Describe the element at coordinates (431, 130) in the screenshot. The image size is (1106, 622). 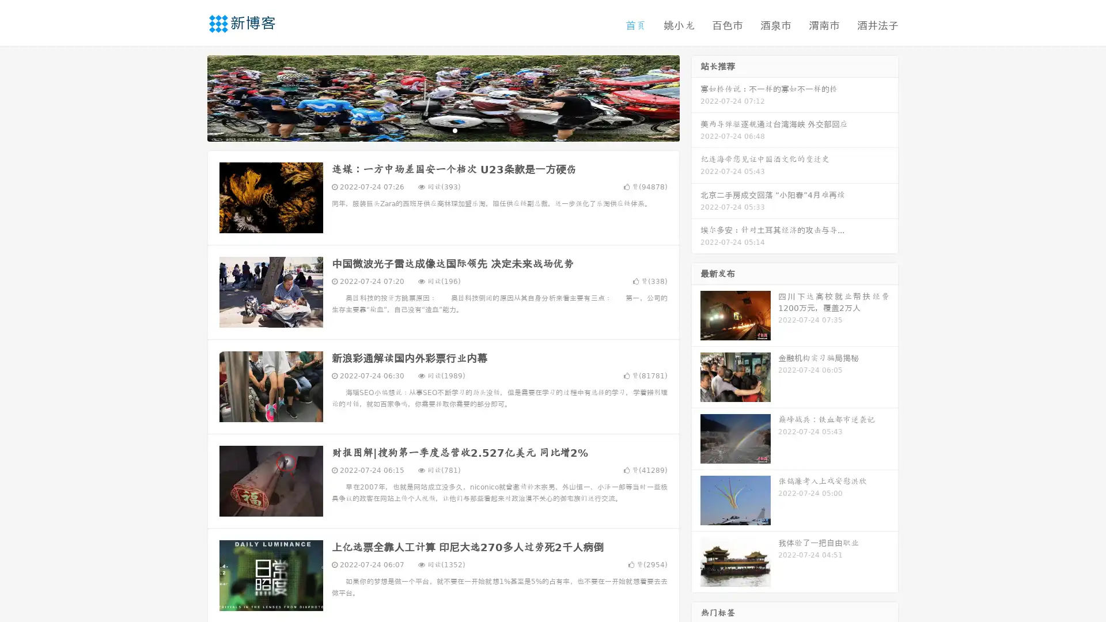
I see `Go to slide 1` at that location.